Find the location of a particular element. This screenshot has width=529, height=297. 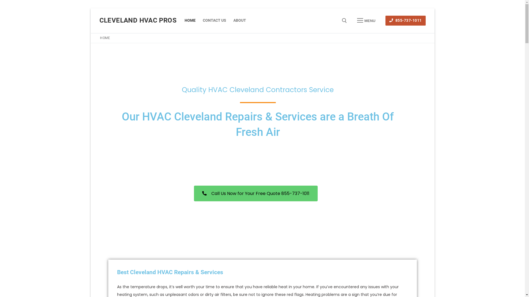

'HOME' is located at coordinates (190, 20).